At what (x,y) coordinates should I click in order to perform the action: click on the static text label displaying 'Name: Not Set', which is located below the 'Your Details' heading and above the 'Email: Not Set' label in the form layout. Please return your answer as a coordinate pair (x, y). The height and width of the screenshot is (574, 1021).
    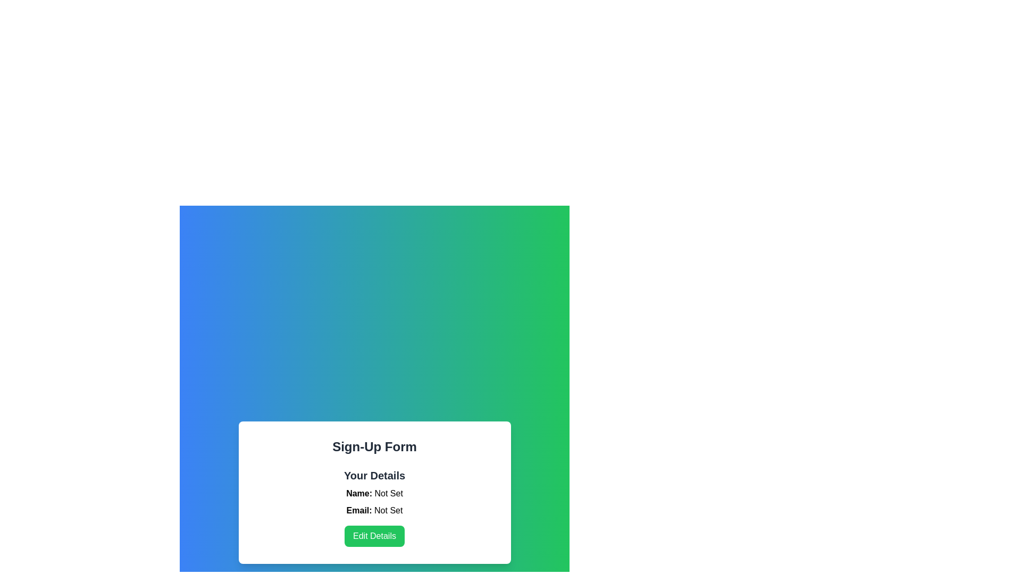
    Looking at the image, I should click on (374, 494).